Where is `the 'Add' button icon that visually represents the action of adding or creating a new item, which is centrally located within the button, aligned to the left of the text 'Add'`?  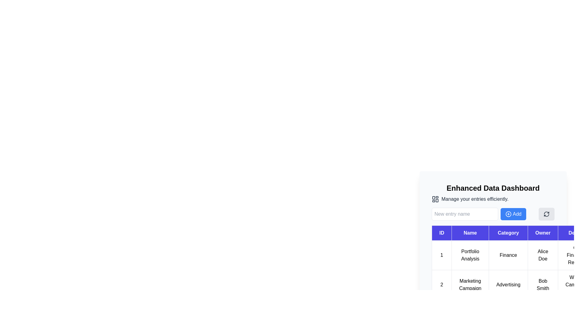 the 'Add' button icon that visually represents the action of adding or creating a new item, which is centrally located within the button, aligned to the left of the text 'Add' is located at coordinates (509, 214).